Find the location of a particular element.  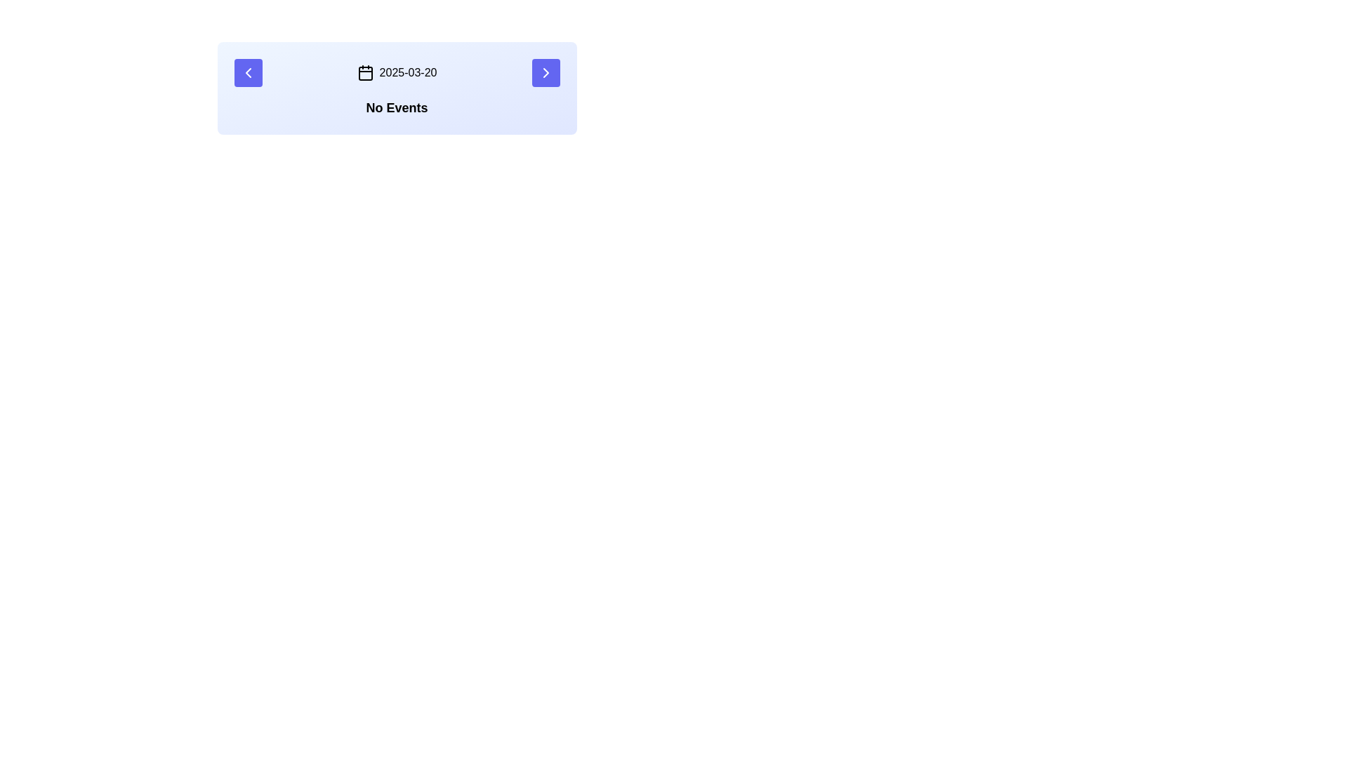

the calendar icon, which is an outlined square with a grid pattern and two small tabs at the top, located to the left of the text '2025-03-20' is located at coordinates (365, 73).